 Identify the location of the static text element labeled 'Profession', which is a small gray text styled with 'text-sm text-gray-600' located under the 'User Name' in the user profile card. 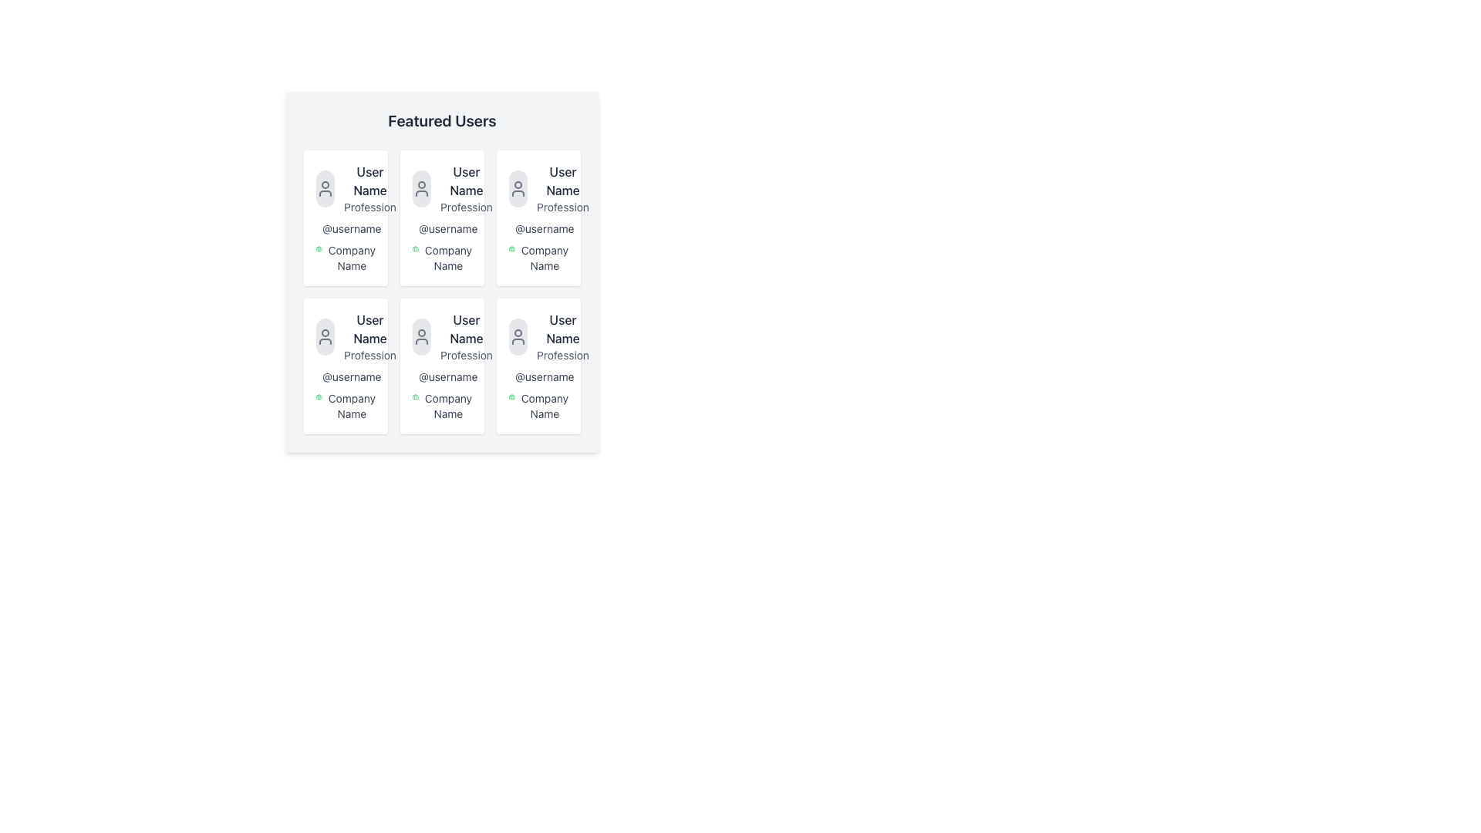
(465, 207).